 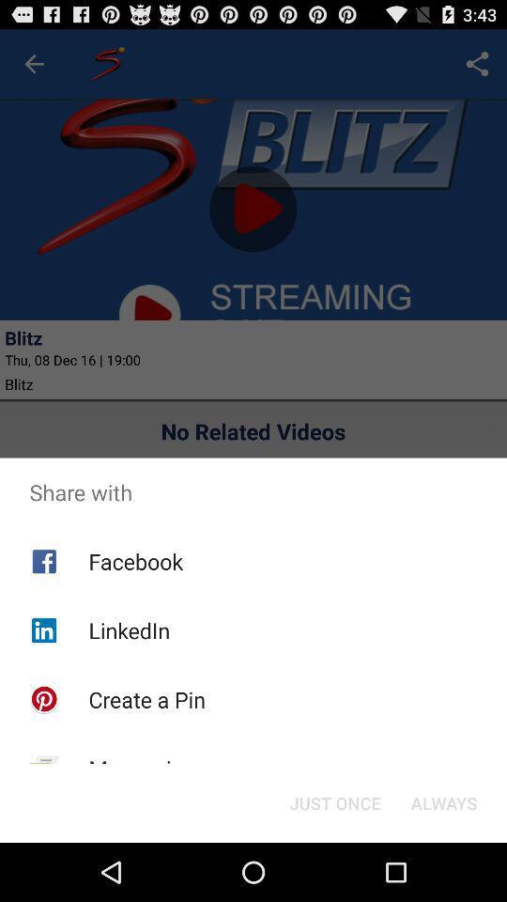 What do you see at coordinates (141, 769) in the screenshot?
I see `the icon next to just once` at bounding box center [141, 769].